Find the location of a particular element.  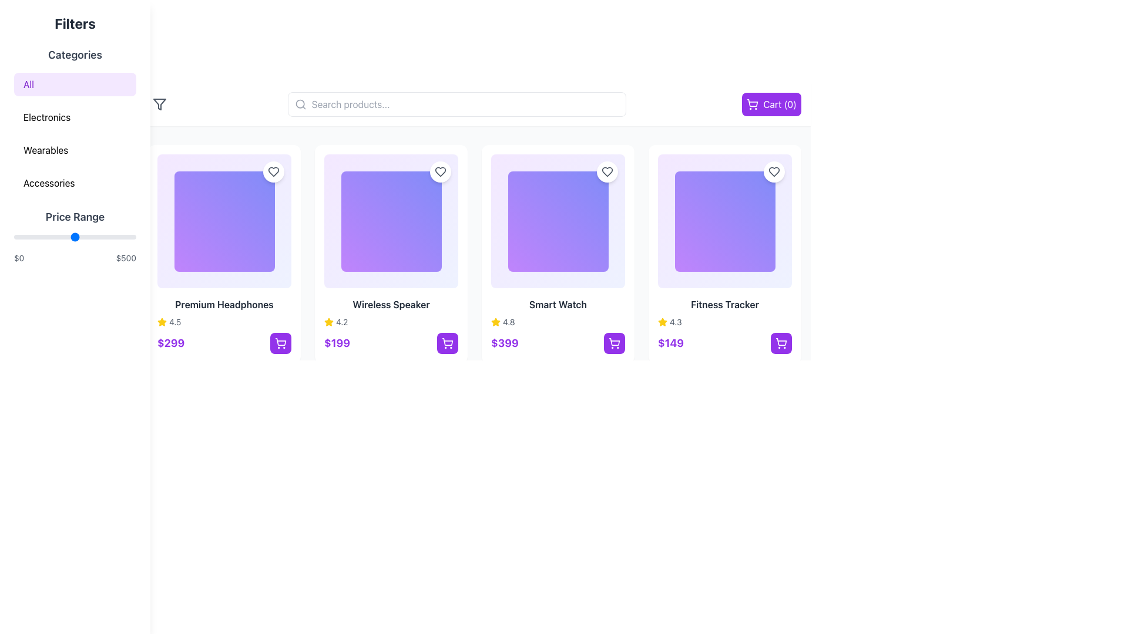

the button with a purple background and white rounded borders, featuring a white shopping cart icon, located at the bottom-right corner of the 'Smart Watch' product card is located at coordinates (614, 343).